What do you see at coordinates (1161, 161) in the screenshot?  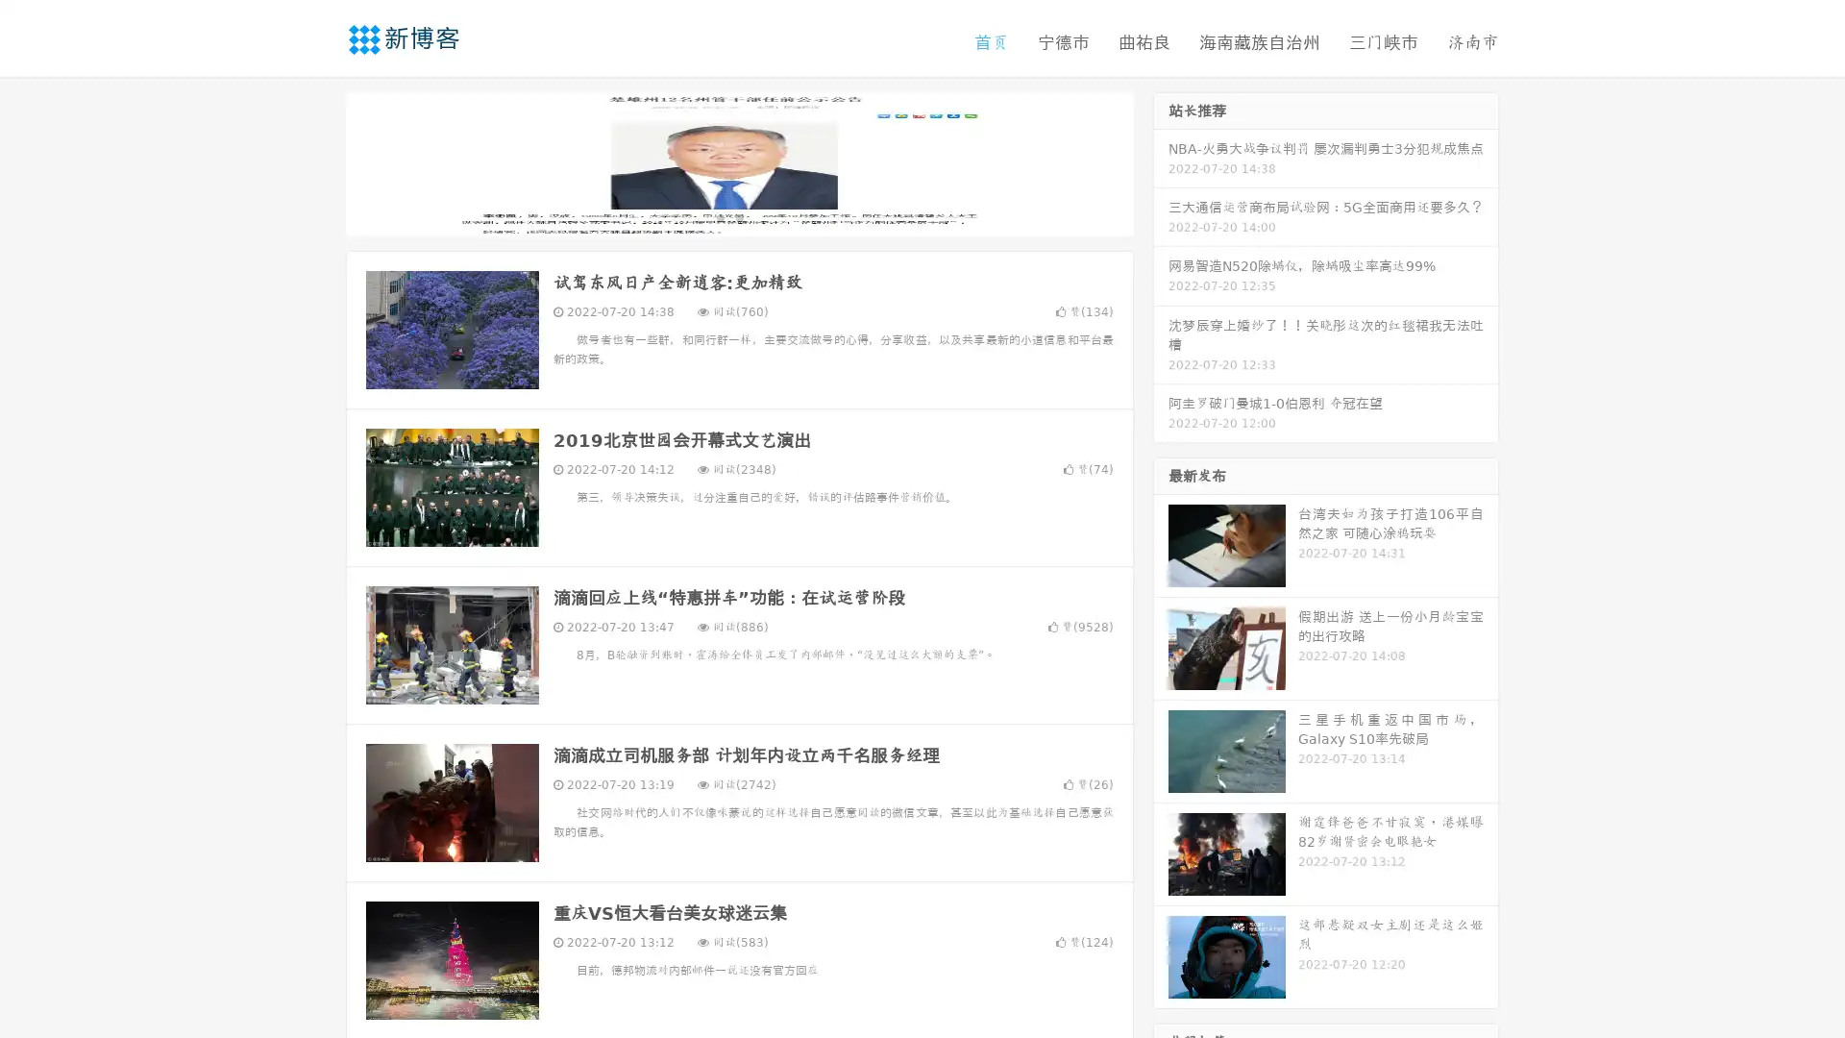 I see `Next slide` at bounding box center [1161, 161].